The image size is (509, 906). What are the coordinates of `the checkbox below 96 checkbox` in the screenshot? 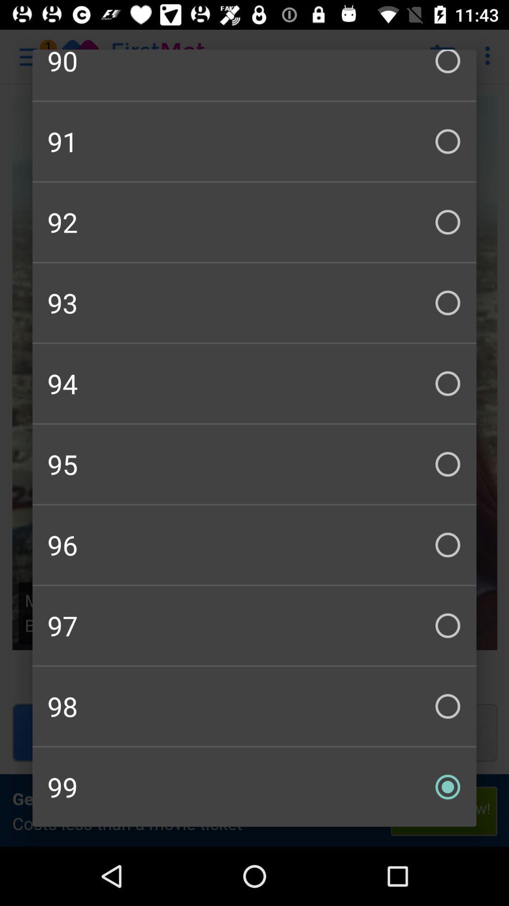 It's located at (254, 625).